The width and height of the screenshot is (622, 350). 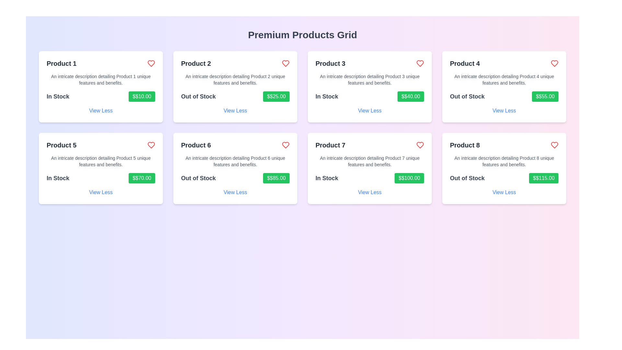 I want to click on the 'Out of Stock' text label, which is styled prominently in dark gray and located within the sixth product card, so click(x=198, y=178).